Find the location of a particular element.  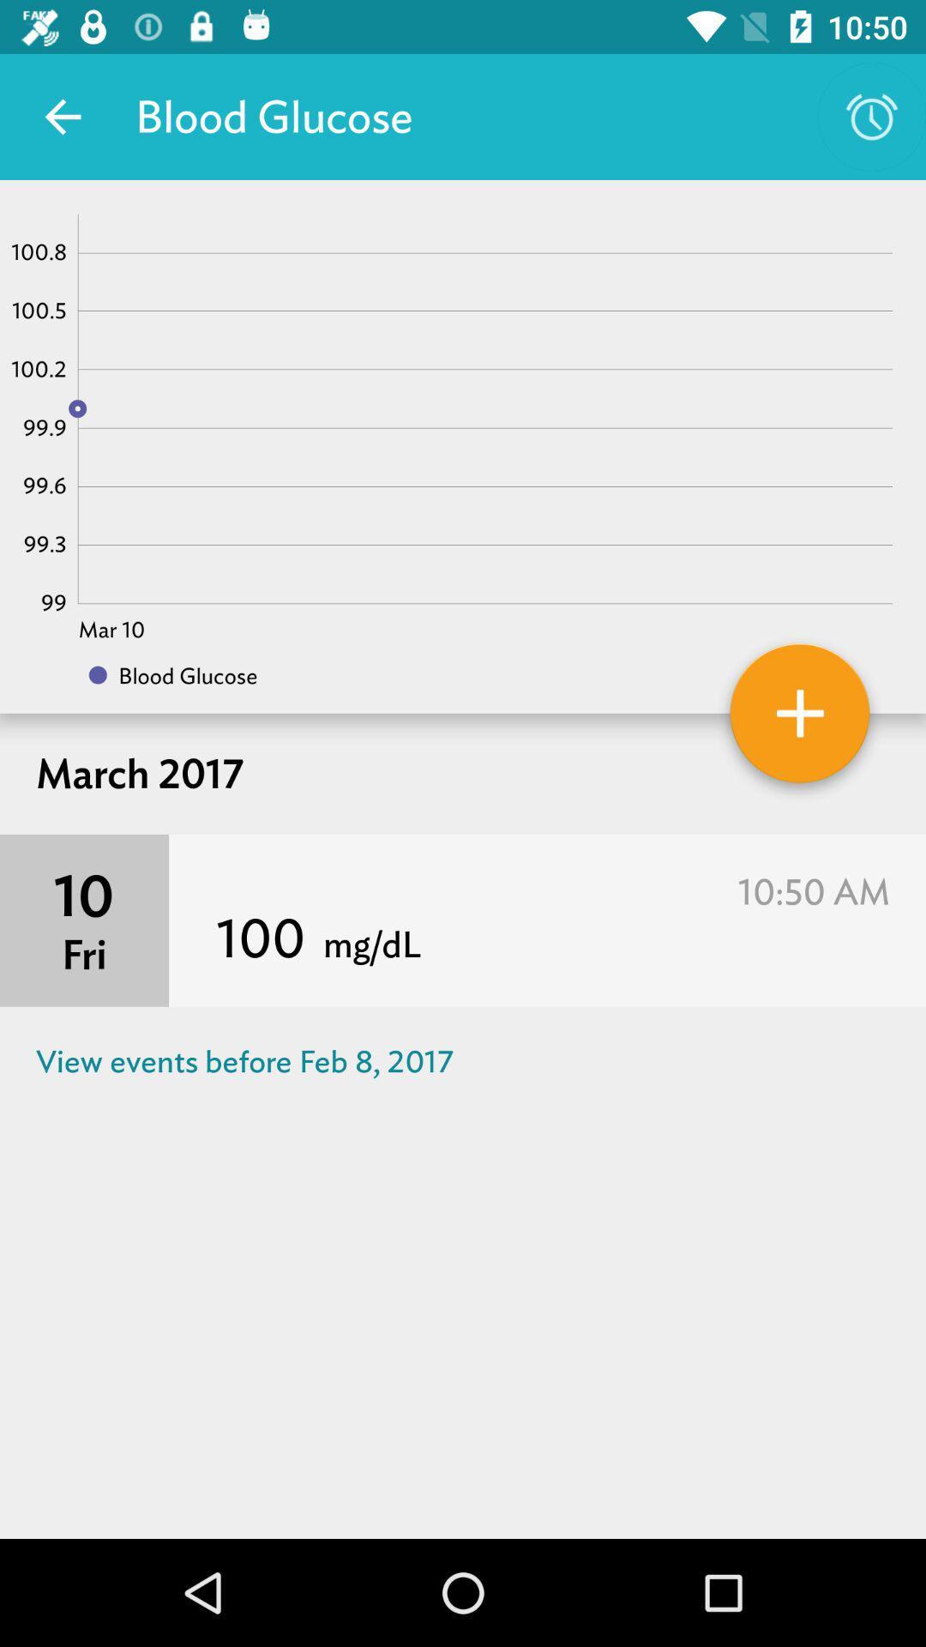

the item to the left of blood glucose app is located at coordinates (62, 116).